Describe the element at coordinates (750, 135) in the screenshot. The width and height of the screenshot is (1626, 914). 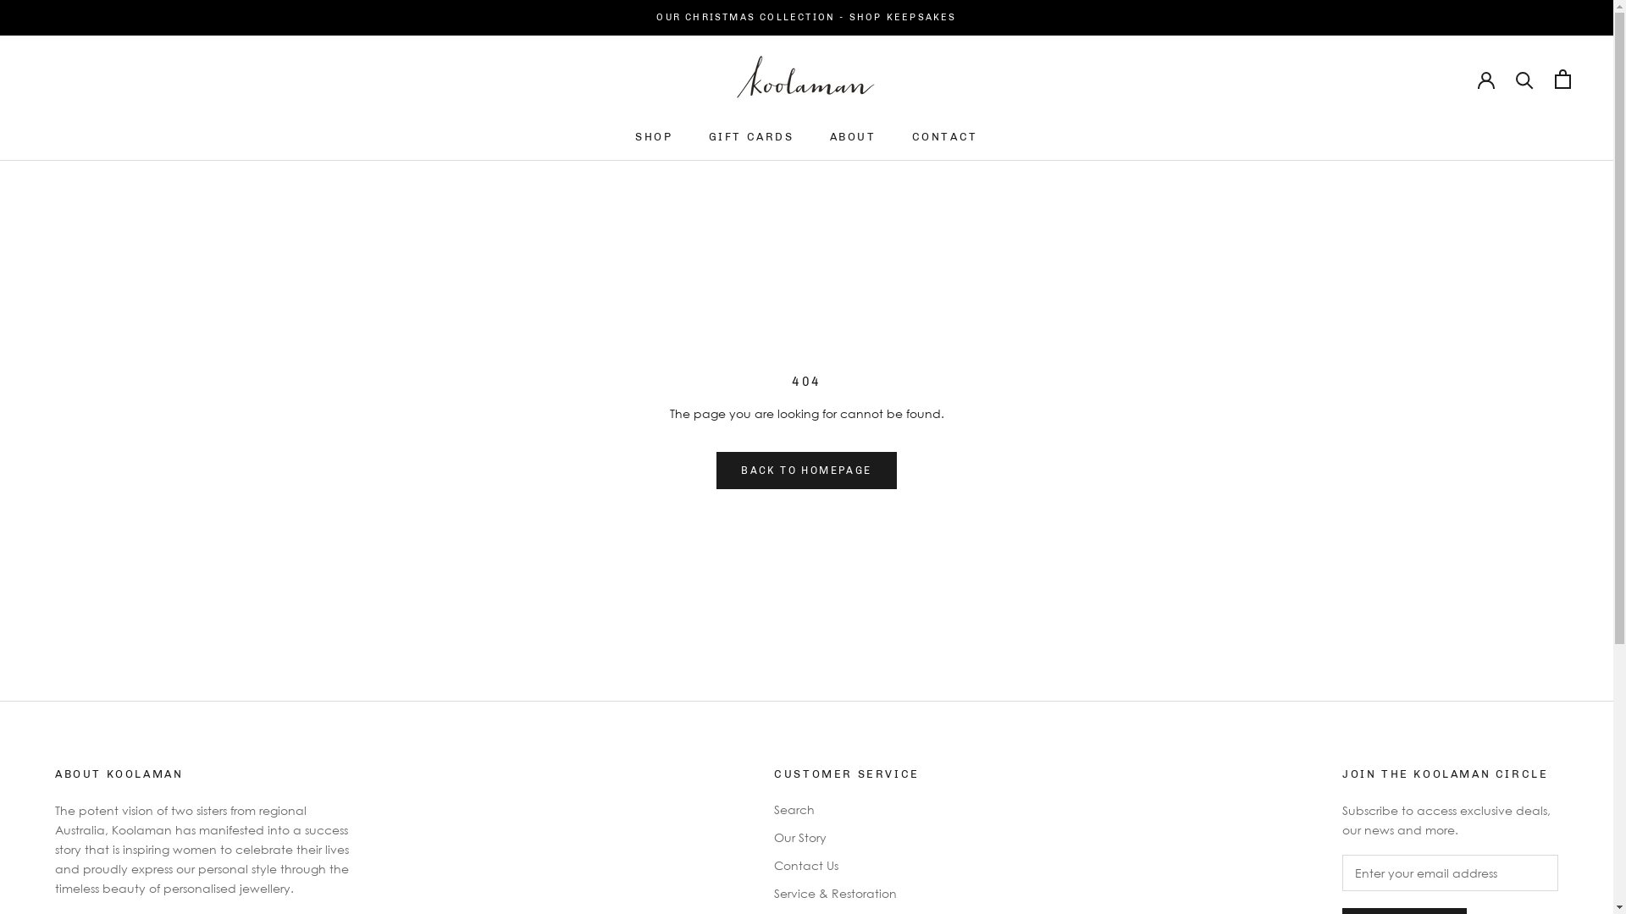
I see `'GIFT CARDS` at that location.